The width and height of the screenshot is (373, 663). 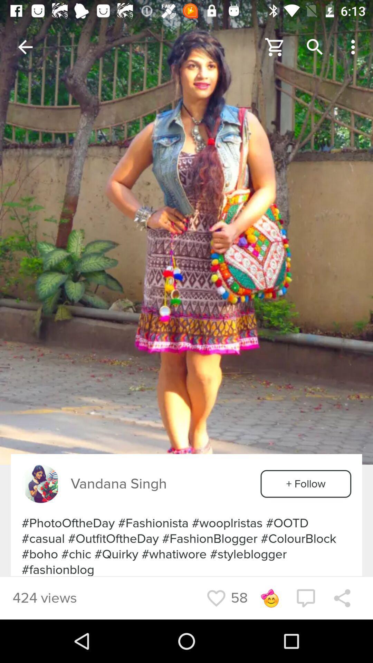 I want to click on image, so click(x=186, y=232).